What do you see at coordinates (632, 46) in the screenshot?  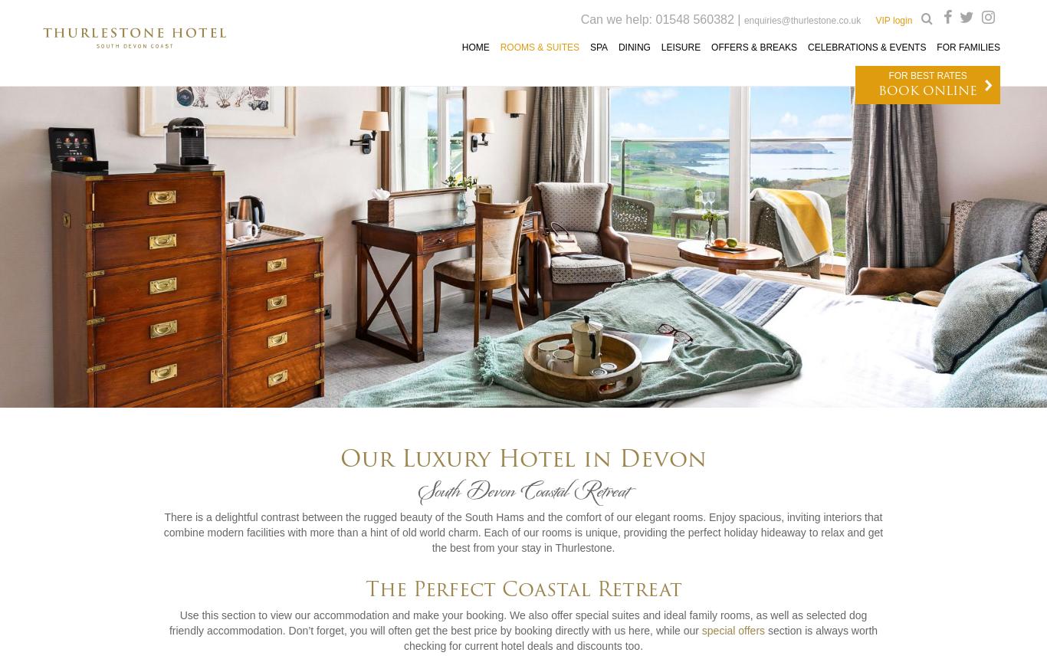 I see `'Dining'` at bounding box center [632, 46].